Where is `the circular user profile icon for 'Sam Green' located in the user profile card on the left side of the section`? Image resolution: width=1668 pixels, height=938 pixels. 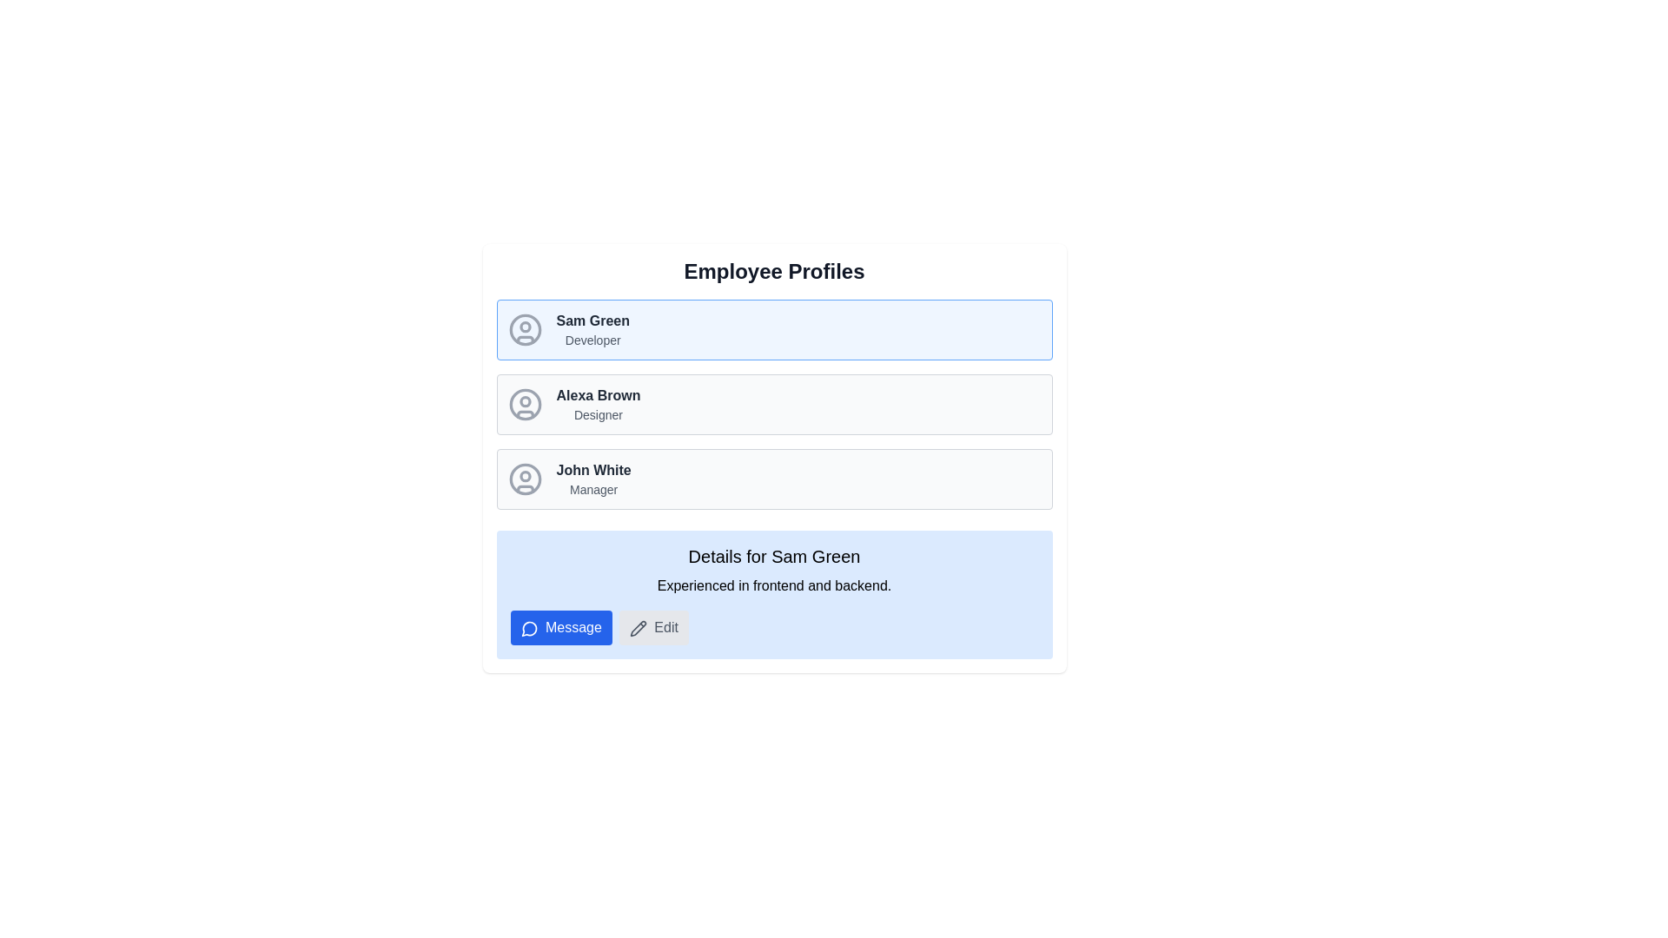
the circular user profile icon for 'Sam Green' located in the user profile card on the left side of the section is located at coordinates (524, 330).